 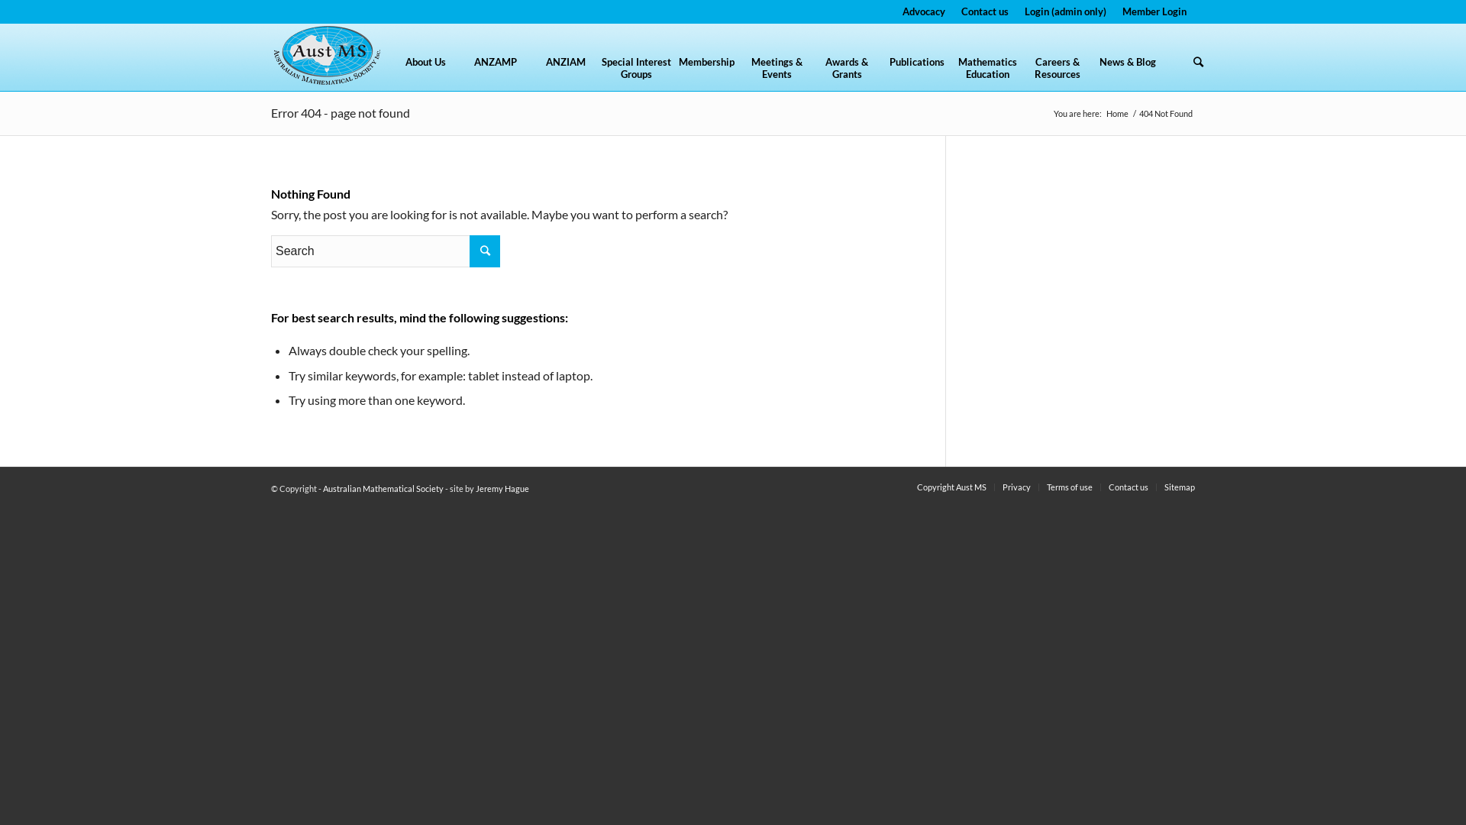 What do you see at coordinates (916, 487) in the screenshot?
I see `'Copyright Aust MS'` at bounding box center [916, 487].